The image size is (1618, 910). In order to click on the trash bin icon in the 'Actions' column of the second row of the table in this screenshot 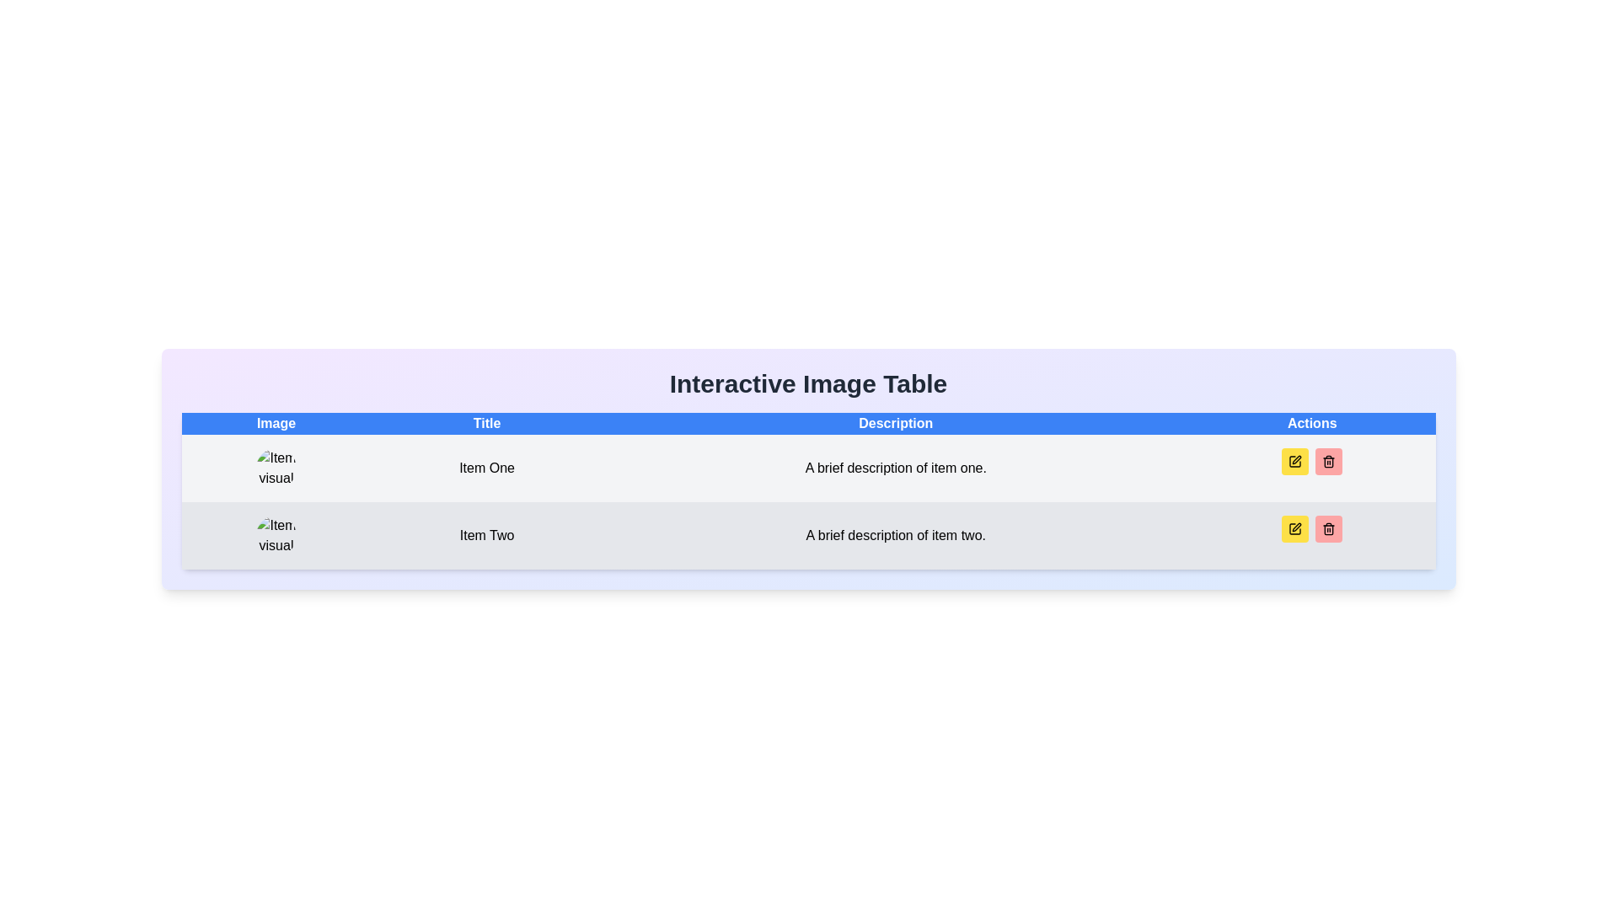, I will do `click(1328, 528)`.